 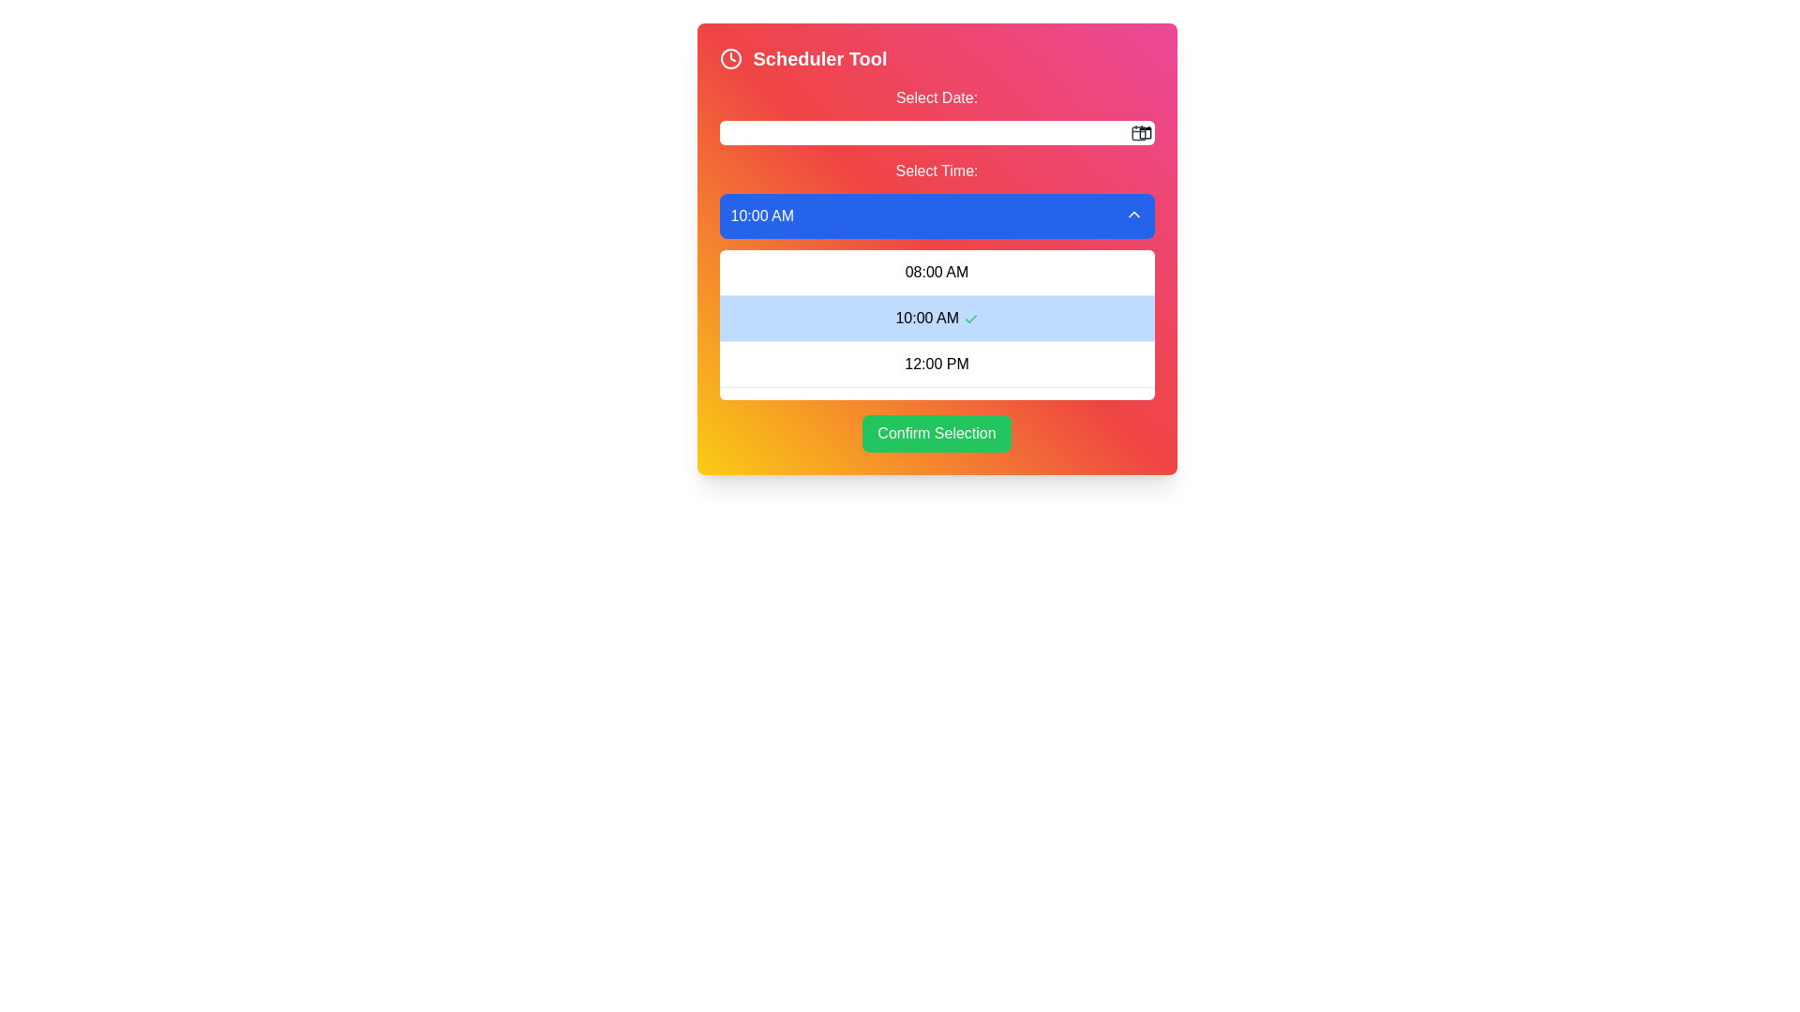 What do you see at coordinates (937, 216) in the screenshot?
I see `the time selector dropdown button located below the 'Select Time:' label for keyboard navigation` at bounding box center [937, 216].